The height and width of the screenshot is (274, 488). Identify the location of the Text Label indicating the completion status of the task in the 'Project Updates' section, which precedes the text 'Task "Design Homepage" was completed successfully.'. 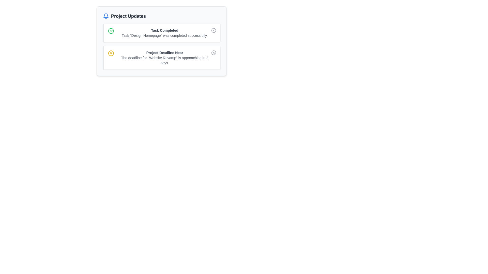
(165, 30).